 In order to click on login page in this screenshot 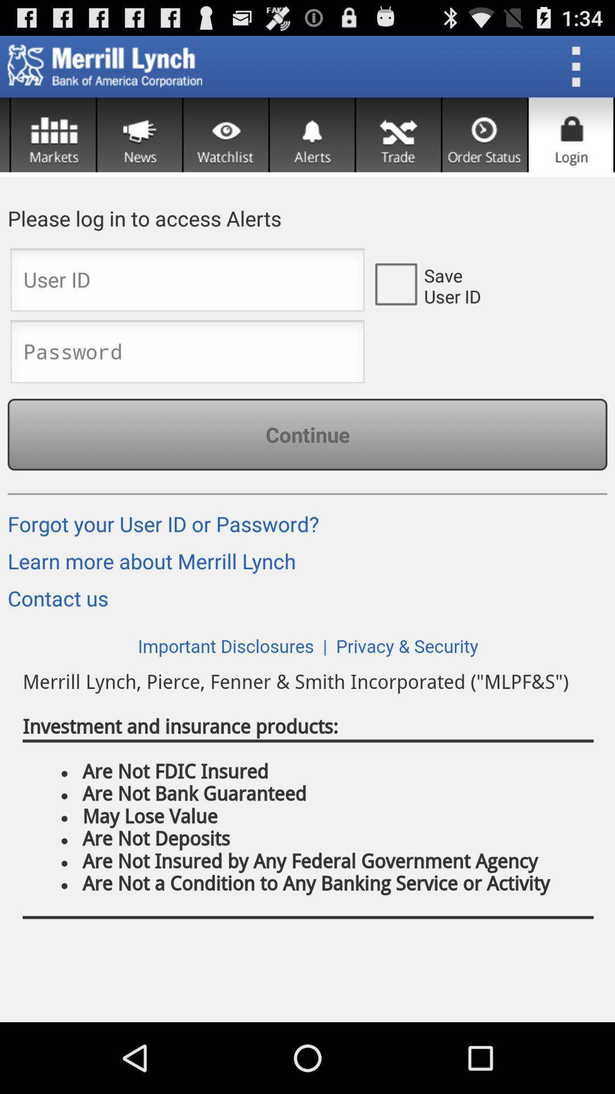, I will do `click(571, 134)`.